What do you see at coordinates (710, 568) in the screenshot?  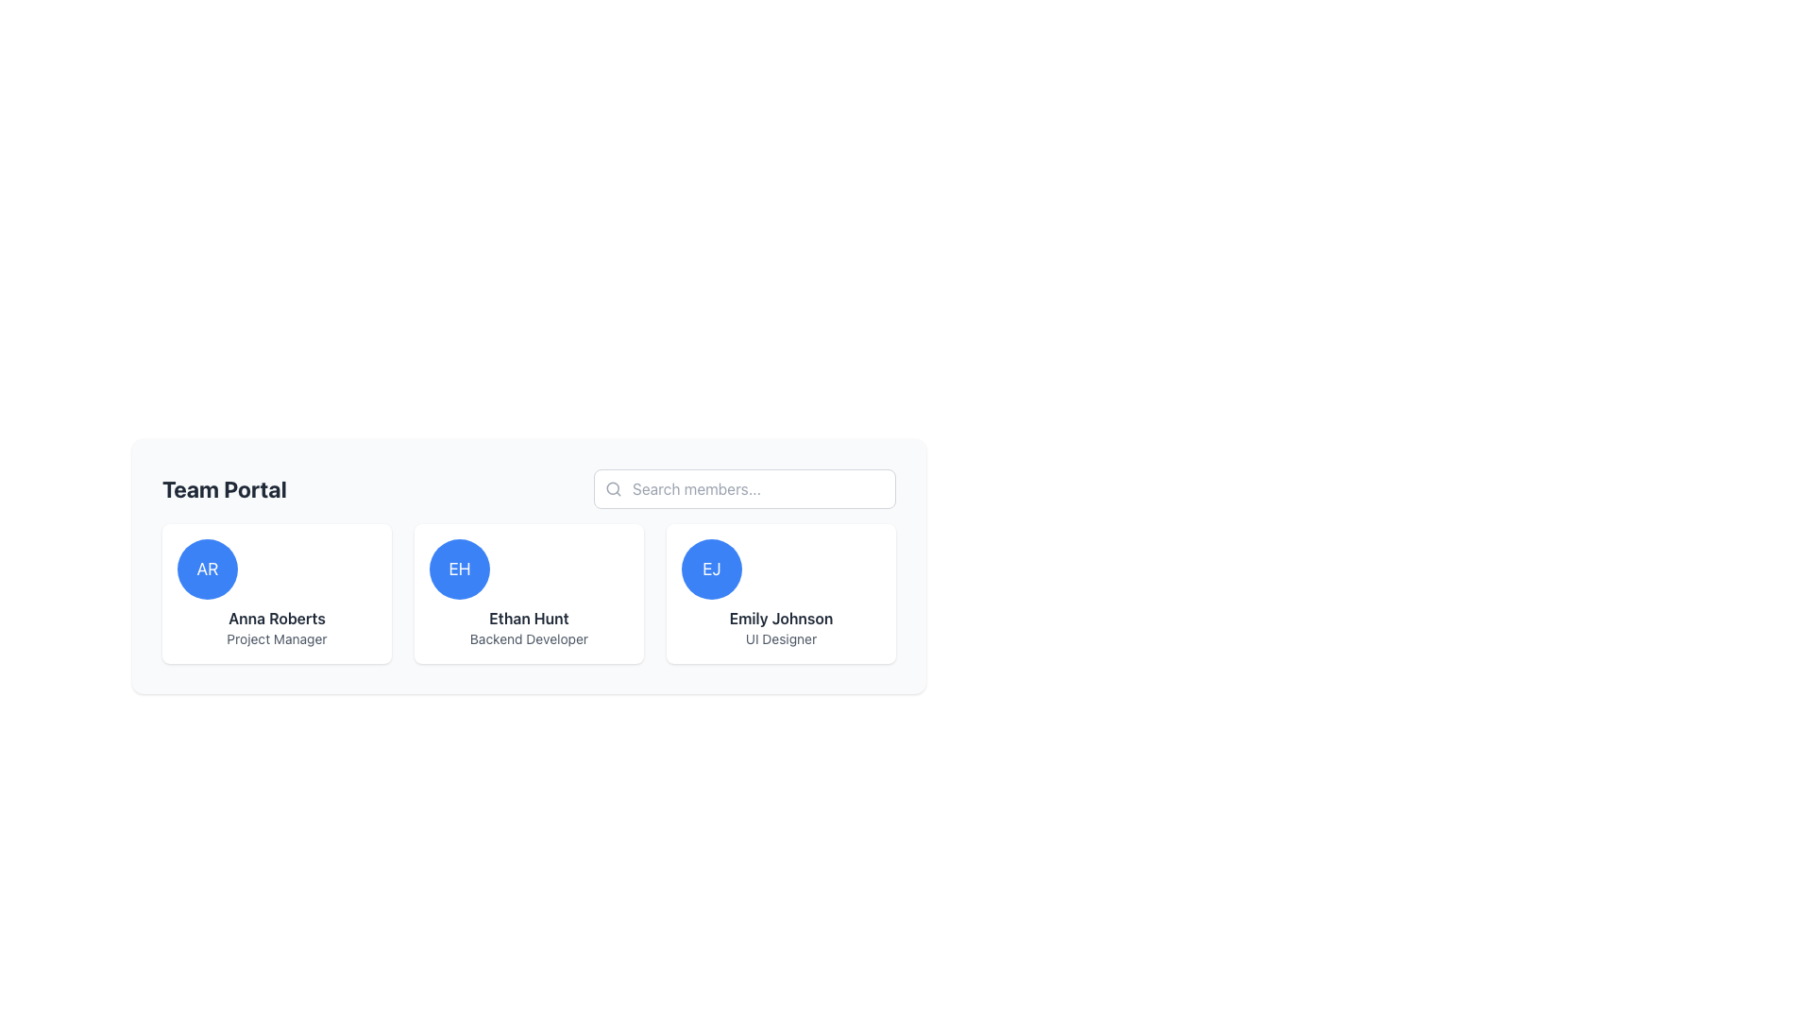 I see `the user avatar representing 'Emily Johnson'` at bounding box center [710, 568].